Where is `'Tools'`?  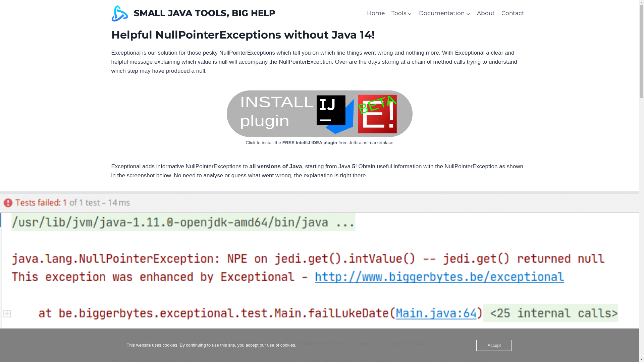 'Tools' is located at coordinates (401, 13).